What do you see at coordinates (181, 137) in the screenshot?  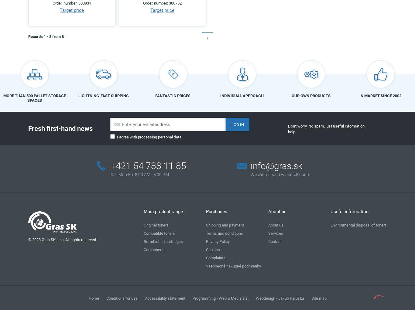 I see `'.'` at bounding box center [181, 137].